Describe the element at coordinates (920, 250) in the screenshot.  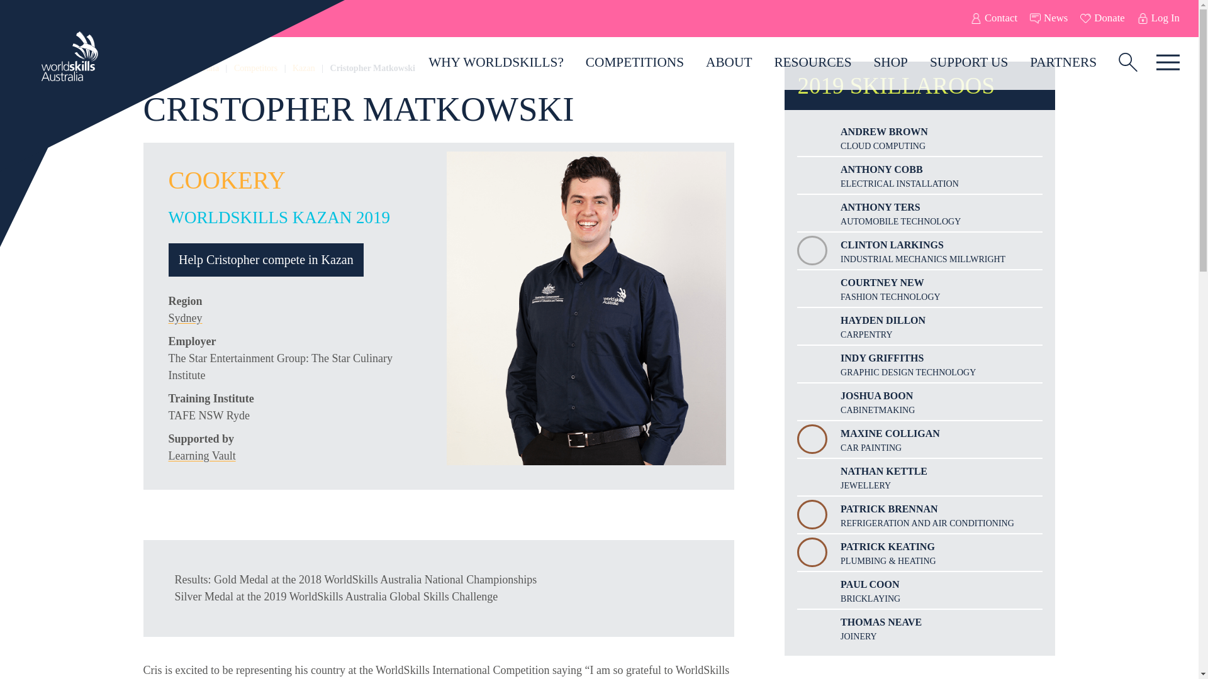
I see `'CLINTON LARKINGS` at that location.